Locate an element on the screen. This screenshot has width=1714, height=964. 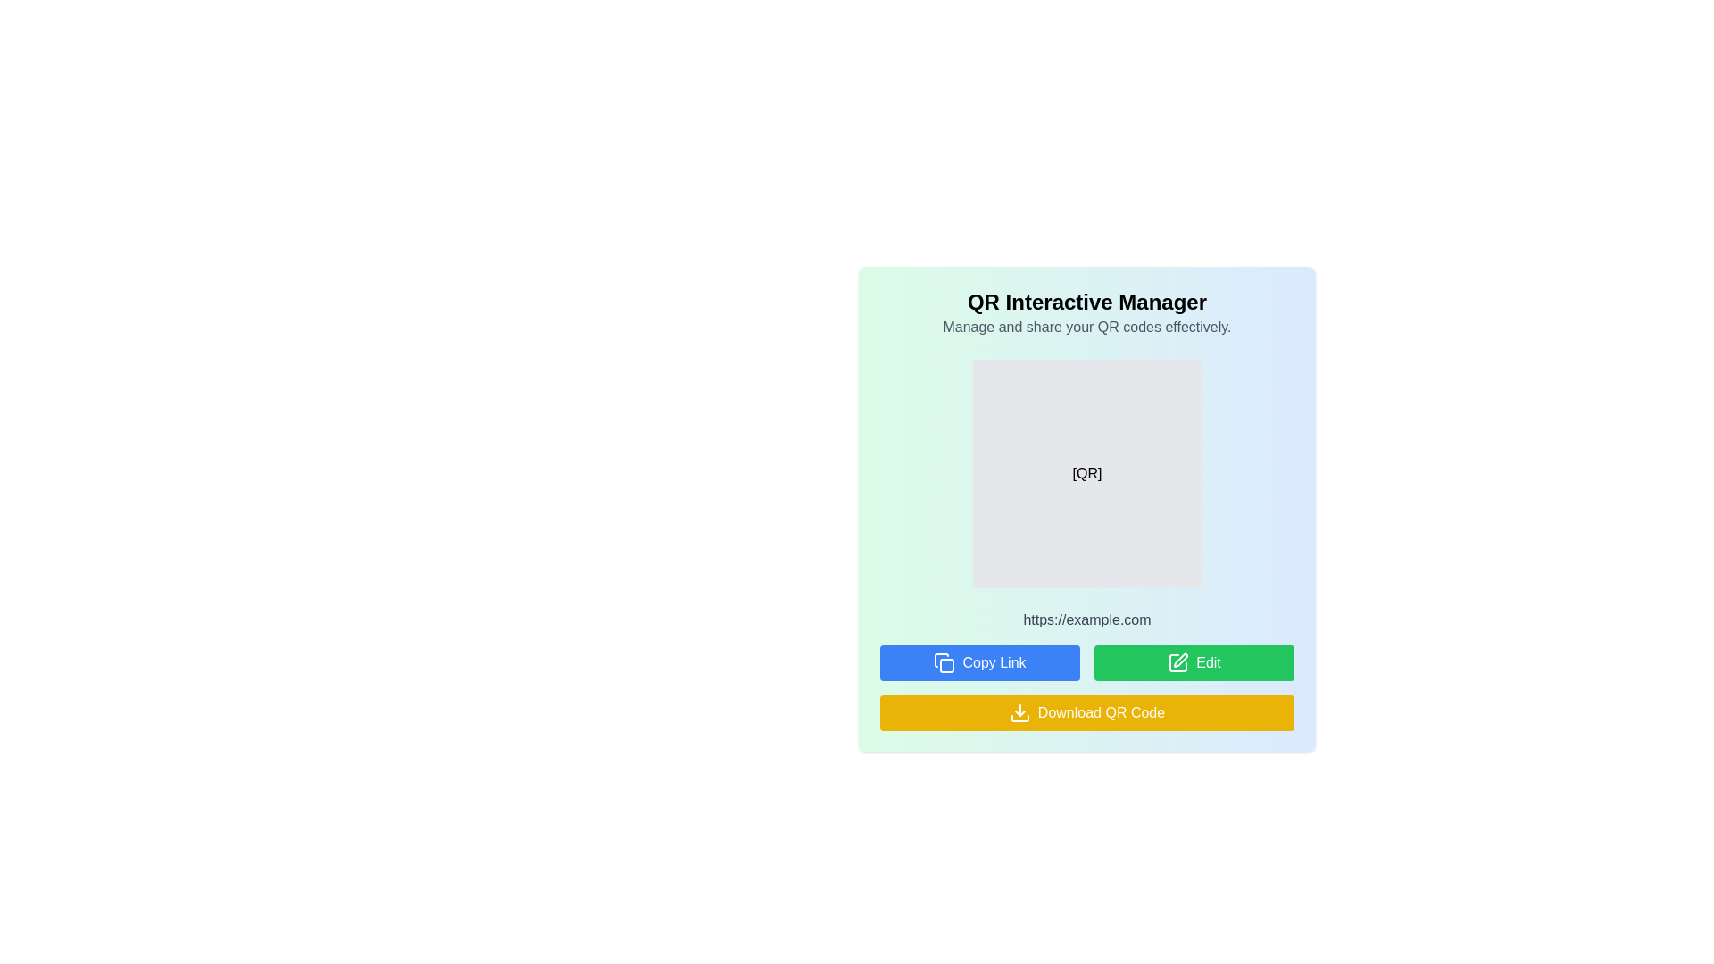
the 'Edit' button icon is located at coordinates (1178, 663).